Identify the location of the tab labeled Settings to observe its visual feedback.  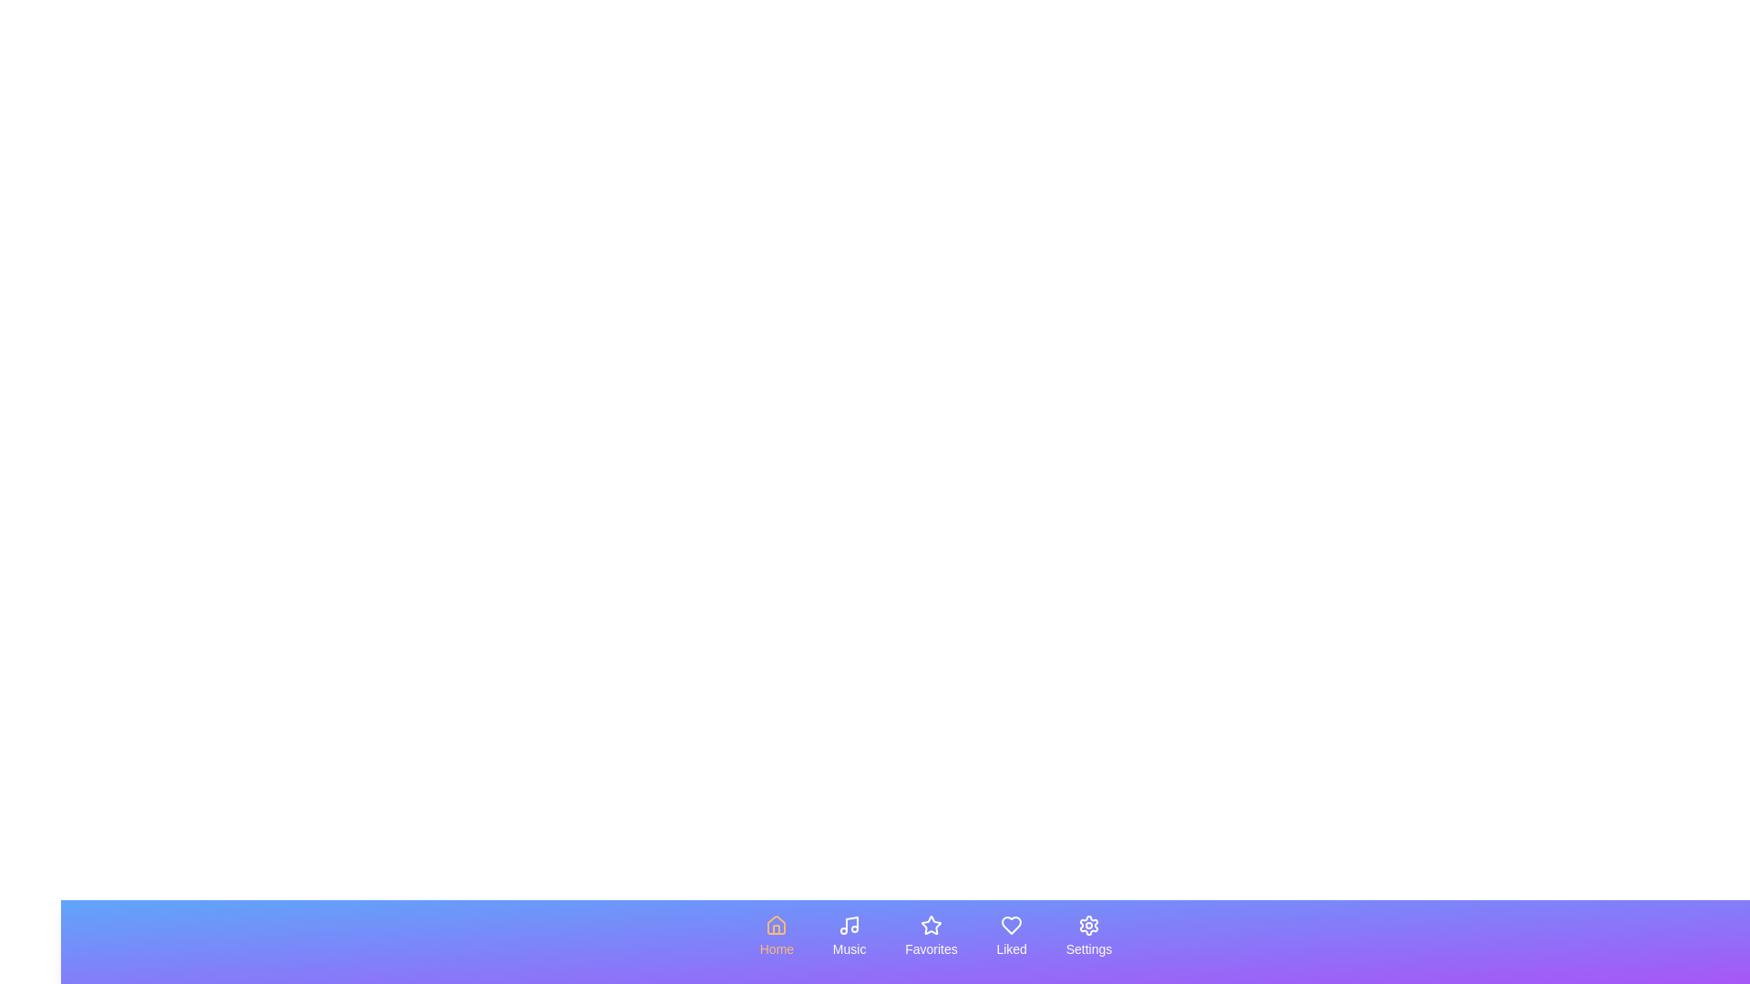
(1089, 937).